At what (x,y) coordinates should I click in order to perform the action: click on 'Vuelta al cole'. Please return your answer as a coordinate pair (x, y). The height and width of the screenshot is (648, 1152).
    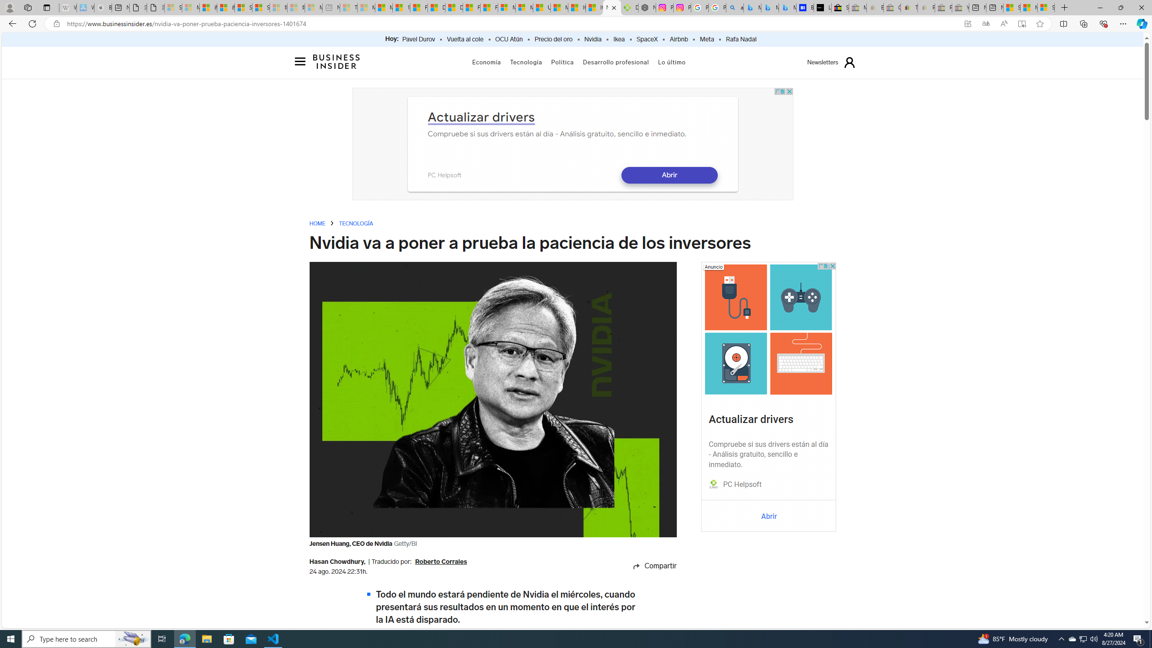
    Looking at the image, I should click on (465, 39).